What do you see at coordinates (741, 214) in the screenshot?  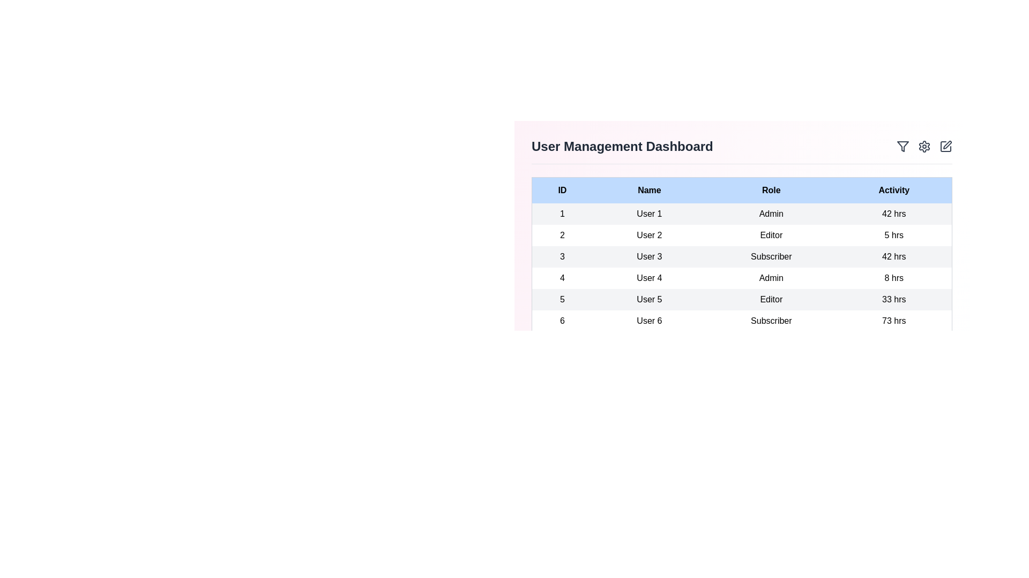 I see `the row corresponding to user ID 1` at bounding box center [741, 214].